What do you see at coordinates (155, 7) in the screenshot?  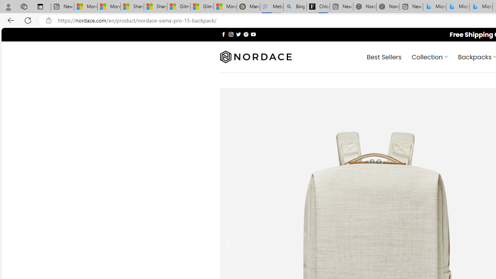 I see `'Shanghai, China weather forecast | Microsoft Weather'` at bounding box center [155, 7].